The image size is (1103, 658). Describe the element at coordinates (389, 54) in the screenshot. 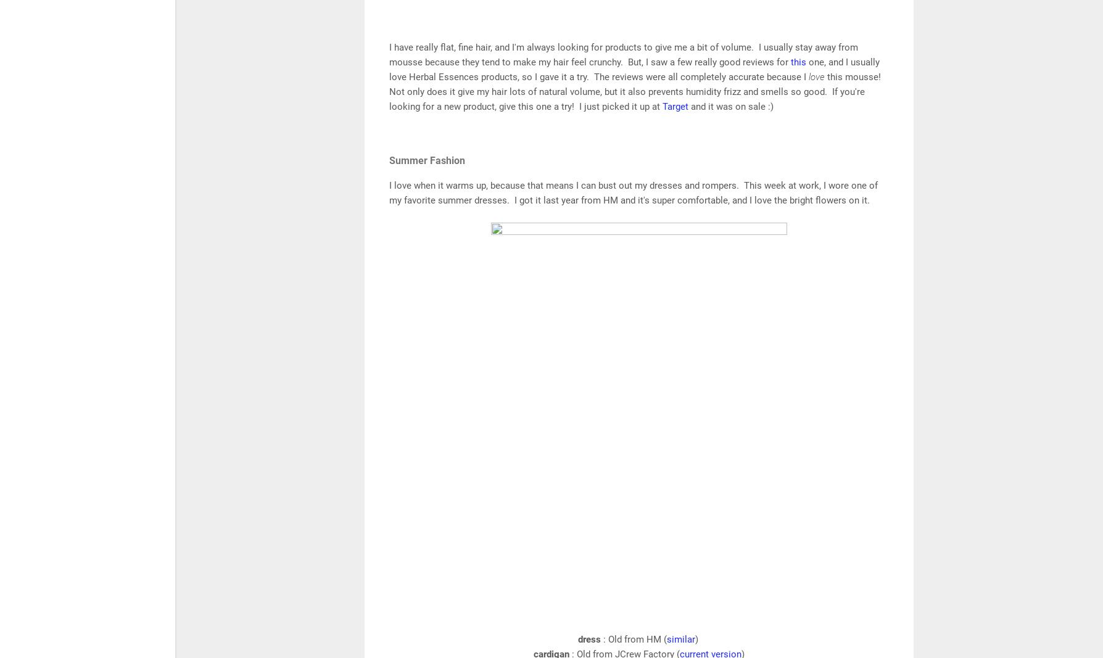

I see `'I have really flat, fine hair, and I'm always looking for products to give me a bit of volume.  I usually stay away from mousse because they tend to make my hair feel crunchy.  But, I saw a few really good reviews for'` at that location.